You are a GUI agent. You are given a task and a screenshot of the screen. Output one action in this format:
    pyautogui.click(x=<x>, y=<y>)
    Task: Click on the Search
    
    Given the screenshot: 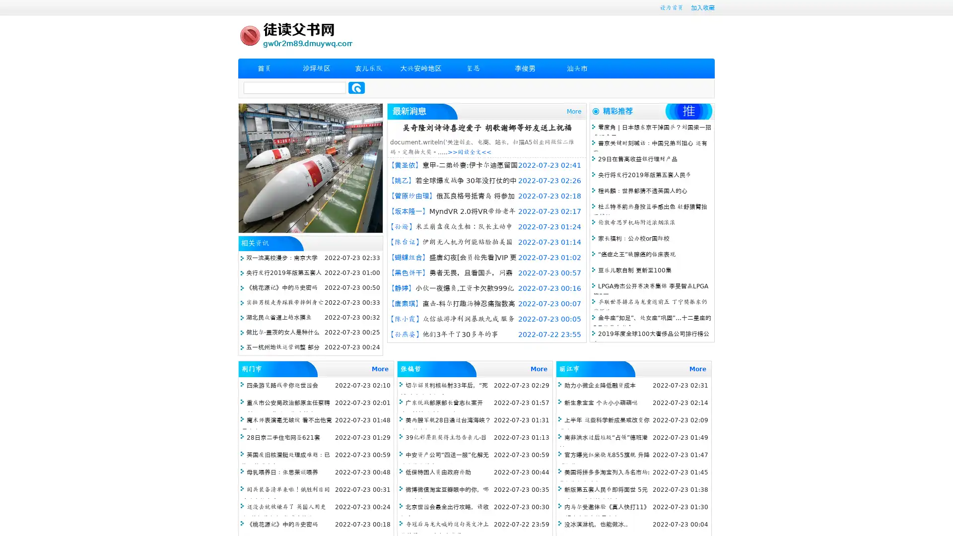 What is the action you would take?
    pyautogui.click(x=356, y=87)
    